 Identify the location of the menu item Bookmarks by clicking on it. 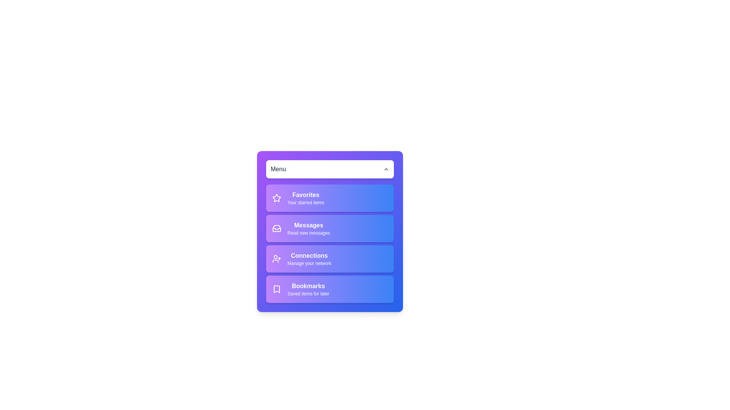
(330, 289).